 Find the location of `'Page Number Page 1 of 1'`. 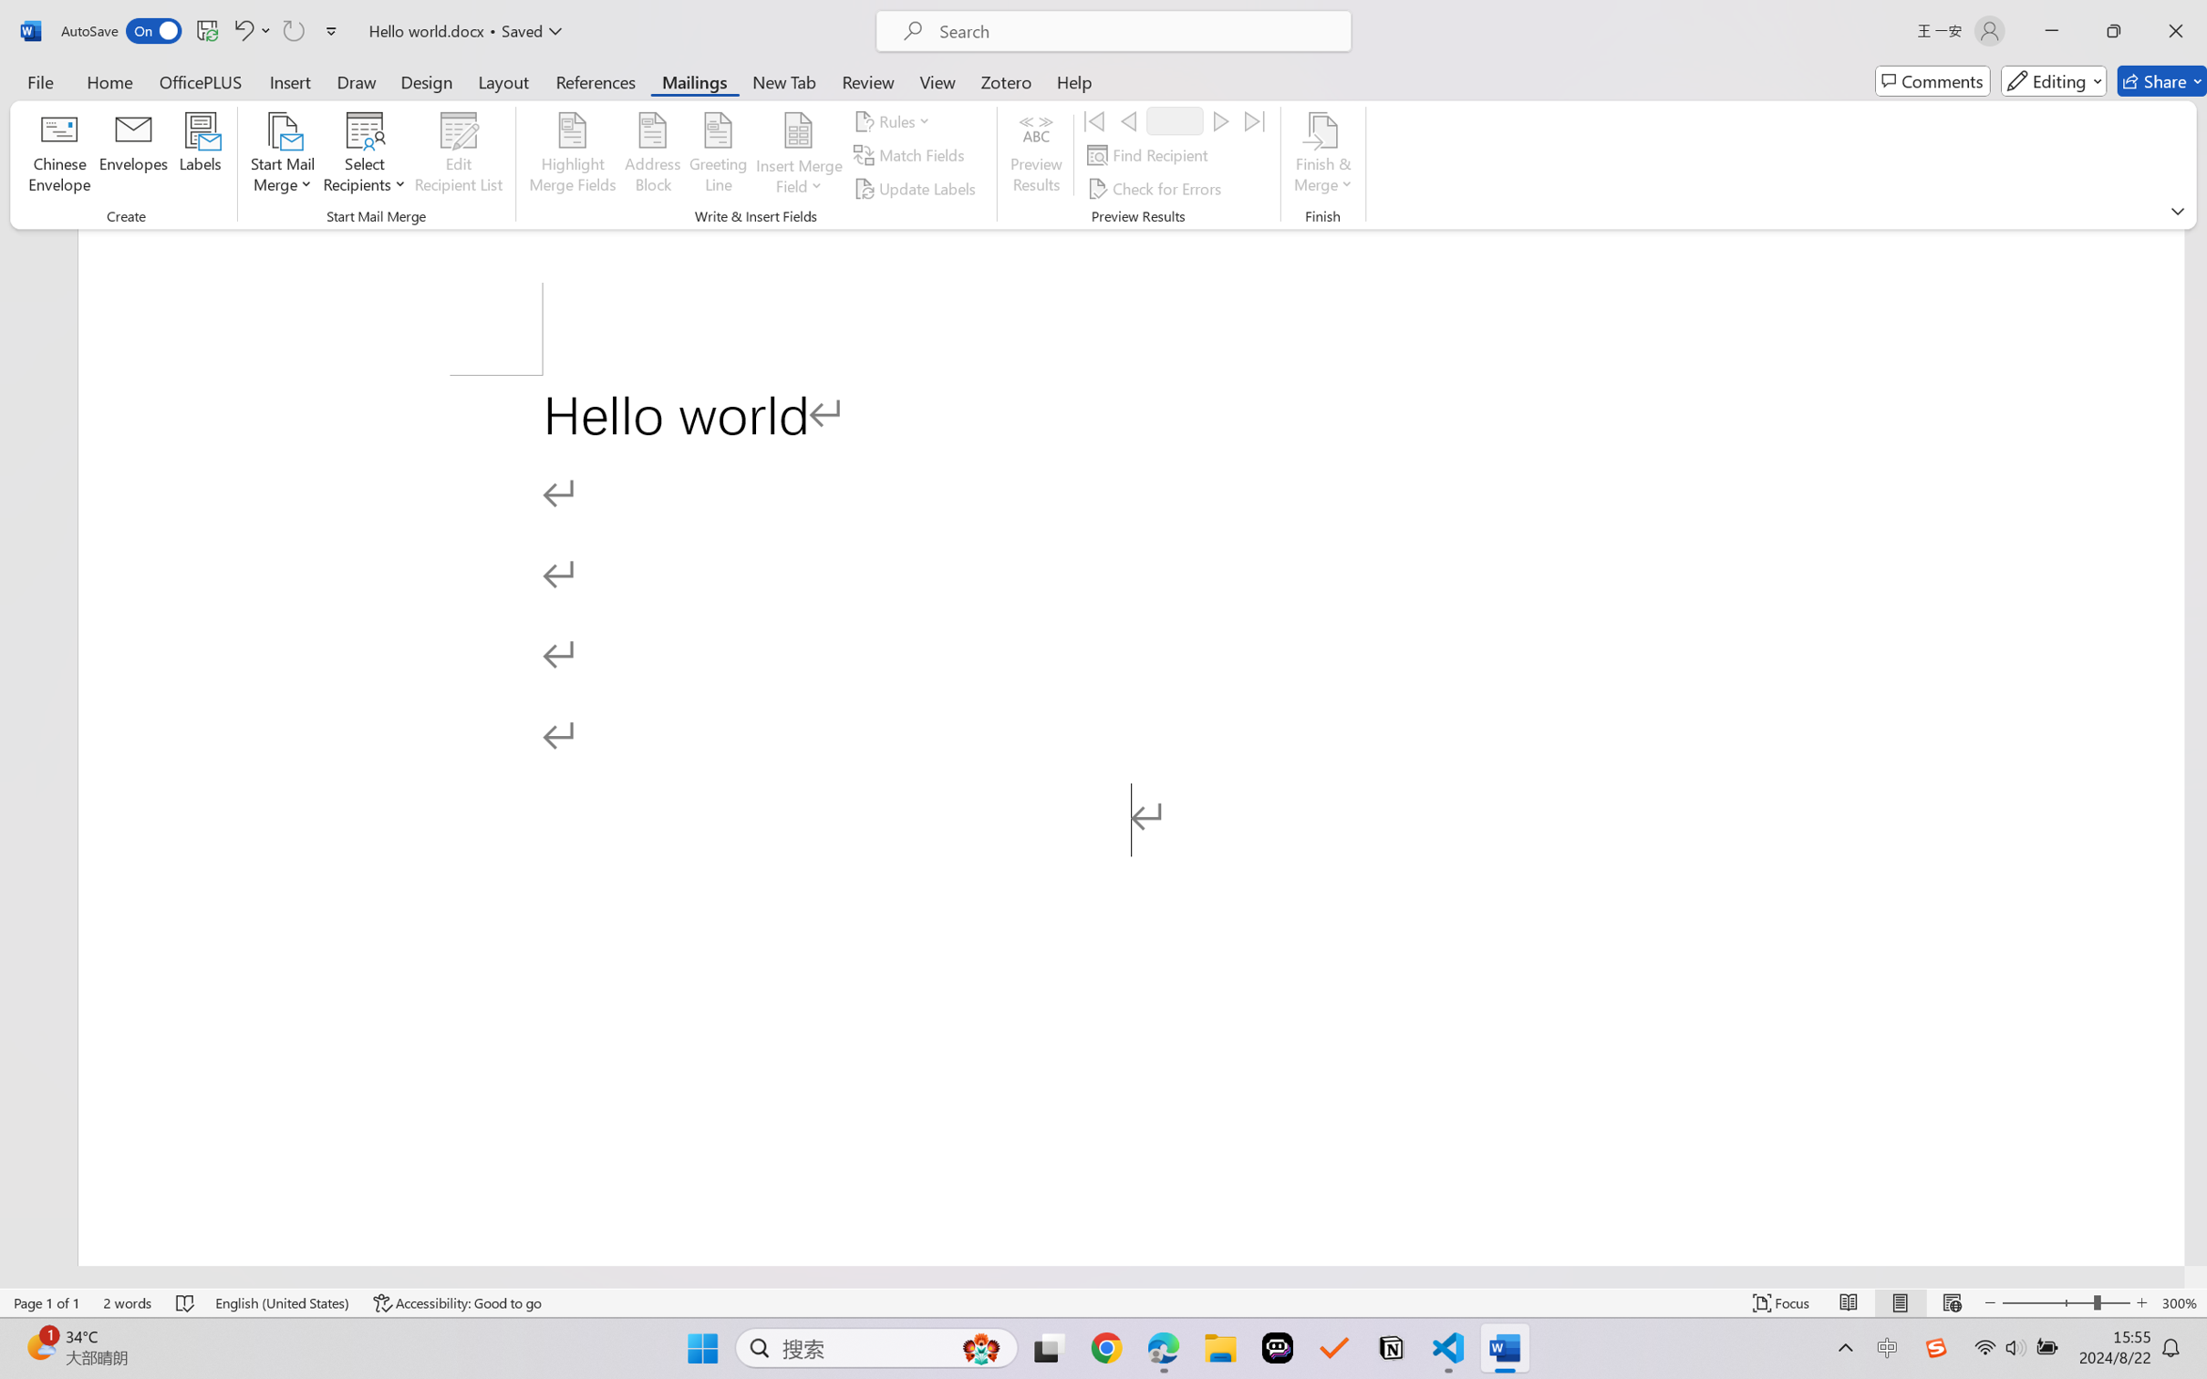

'Page Number Page 1 of 1' is located at coordinates (47, 1302).